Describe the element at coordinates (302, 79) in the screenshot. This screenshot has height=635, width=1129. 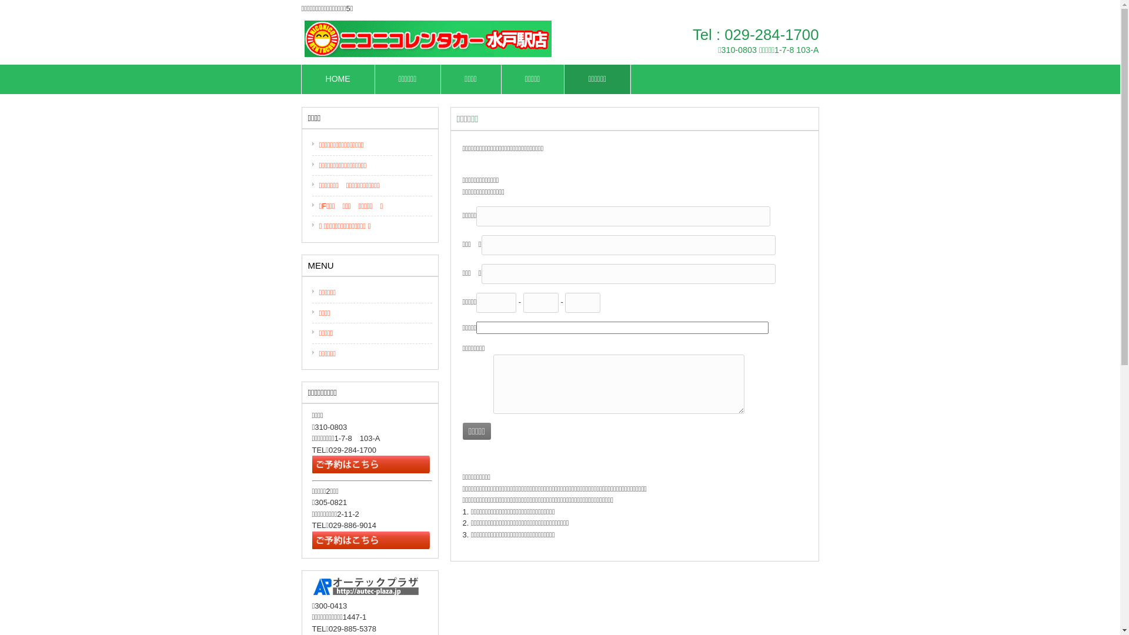
I see `'HOME'` at that location.